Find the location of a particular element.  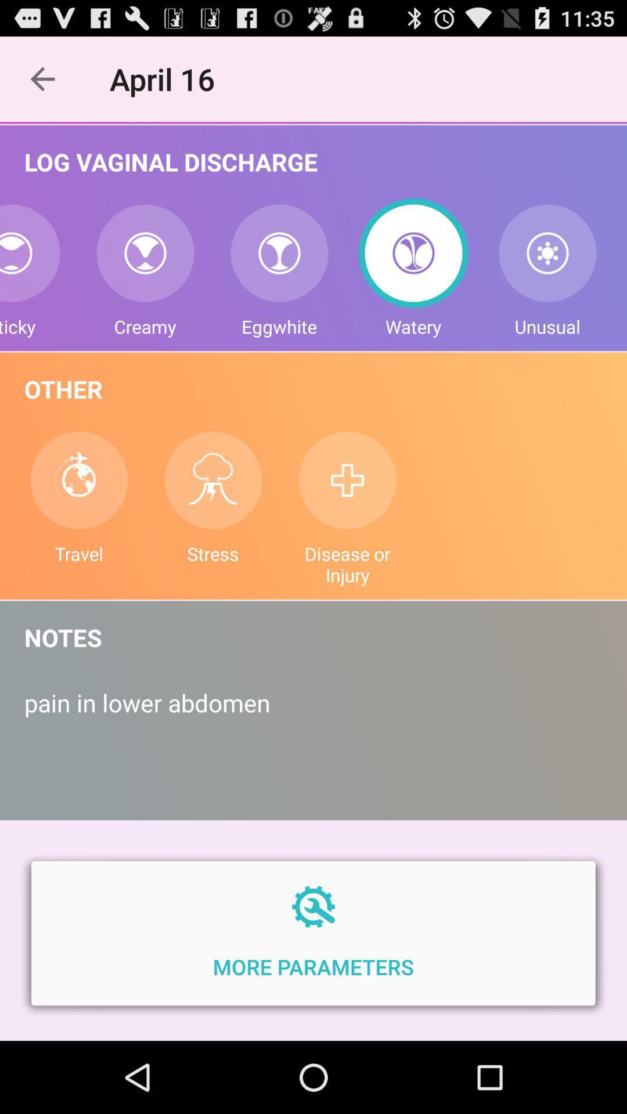

second icon under other is located at coordinates (213, 480).